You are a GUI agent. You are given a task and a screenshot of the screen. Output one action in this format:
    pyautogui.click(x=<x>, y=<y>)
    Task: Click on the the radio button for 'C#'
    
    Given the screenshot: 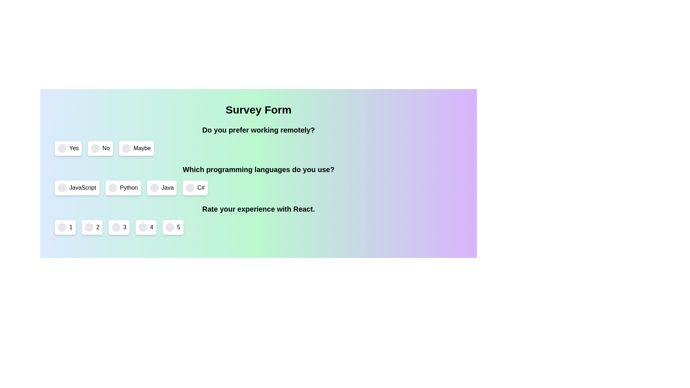 What is the action you would take?
    pyautogui.click(x=190, y=188)
    